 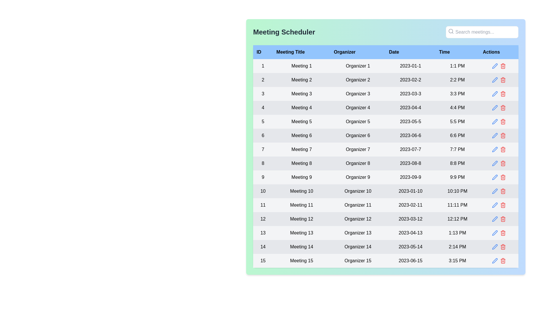 What do you see at coordinates (502, 260) in the screenshot?
I see `the red trash bin icon in the 'Actions' column corresponding to the meeting scheduled at '3:15 PM' on '2023-06-15'` at bounding box center [502, 260].